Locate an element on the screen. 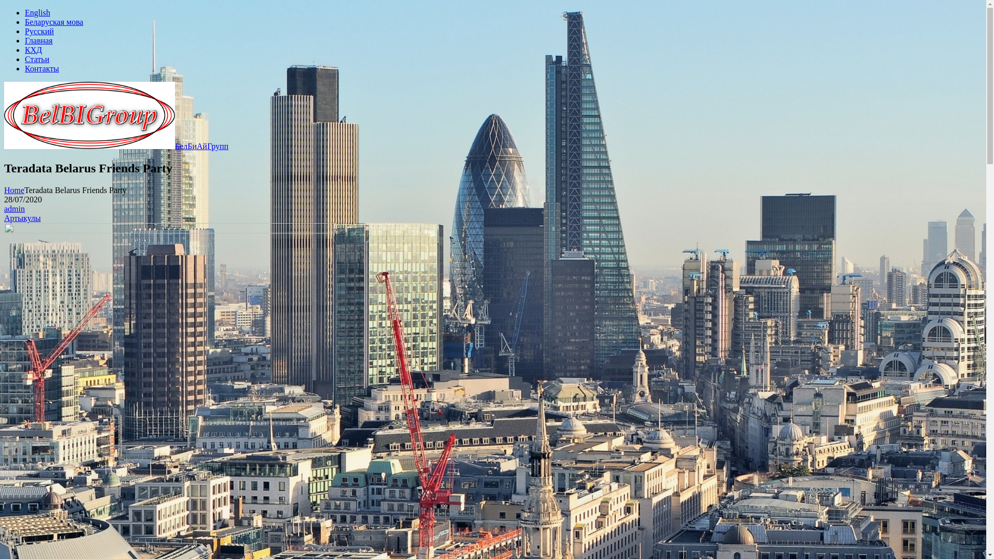  'admin' is located at coordinates (14, 209).